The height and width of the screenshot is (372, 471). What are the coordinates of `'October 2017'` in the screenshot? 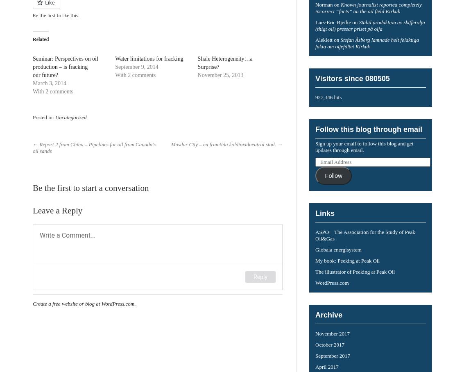 It's located at (329, 344).